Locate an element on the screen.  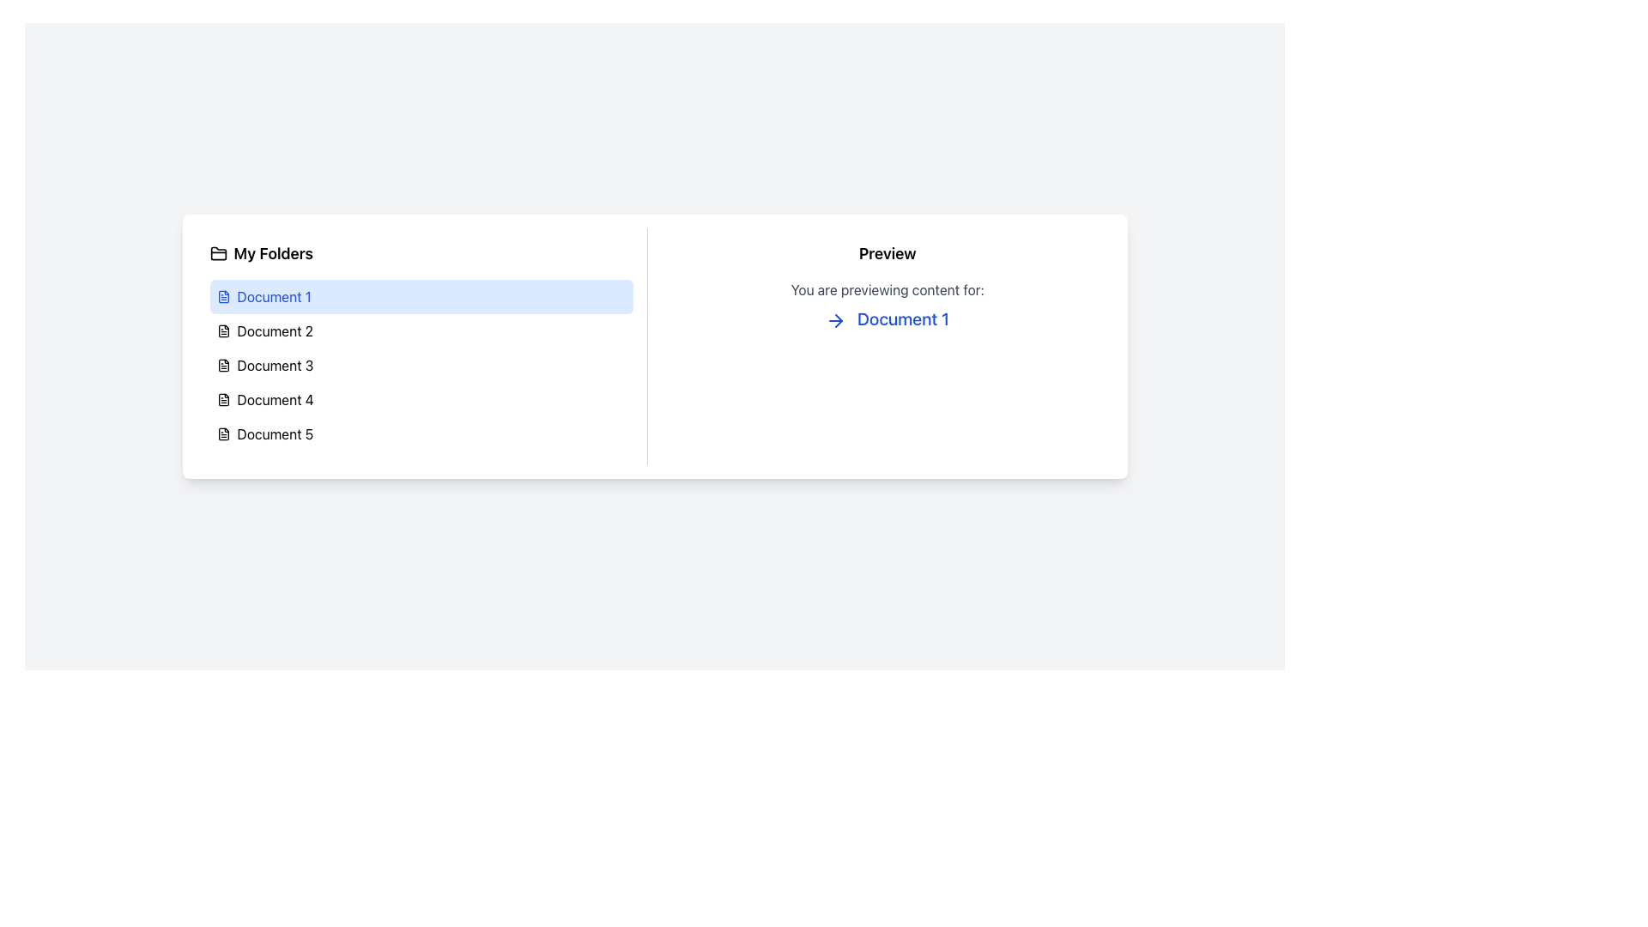
the bold, large-sized text reading 'Preview', which is positioned at the top-center of its section and serves as the heading for associated content is located at coordinates (888, 254).